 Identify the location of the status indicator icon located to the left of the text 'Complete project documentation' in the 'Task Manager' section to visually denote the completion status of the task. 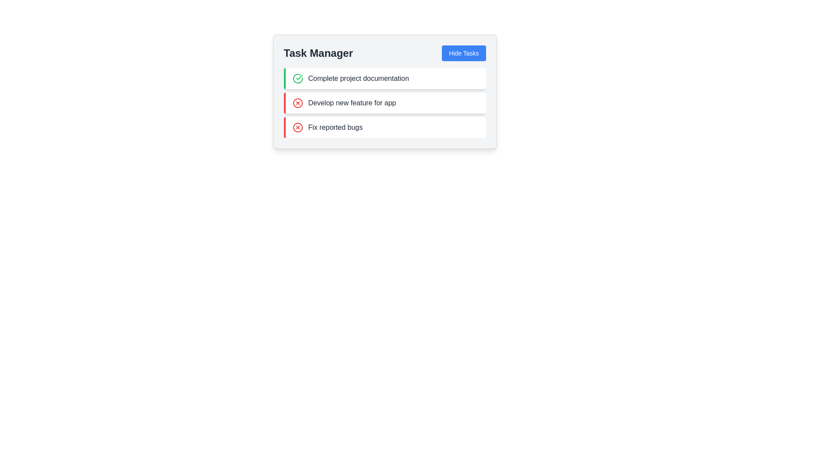
(297, 79).